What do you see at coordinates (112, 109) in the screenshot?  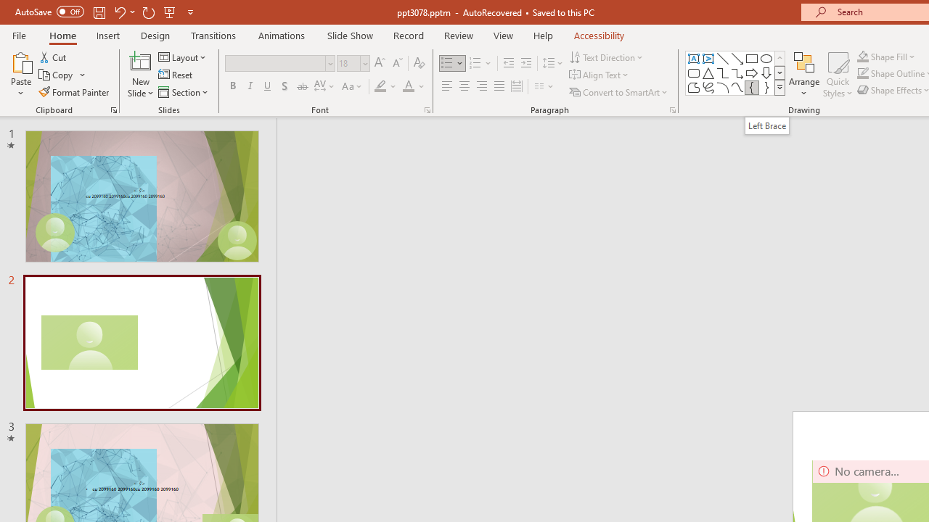 I see `'Office Clipboard...'` at bounding box center [112, 109].